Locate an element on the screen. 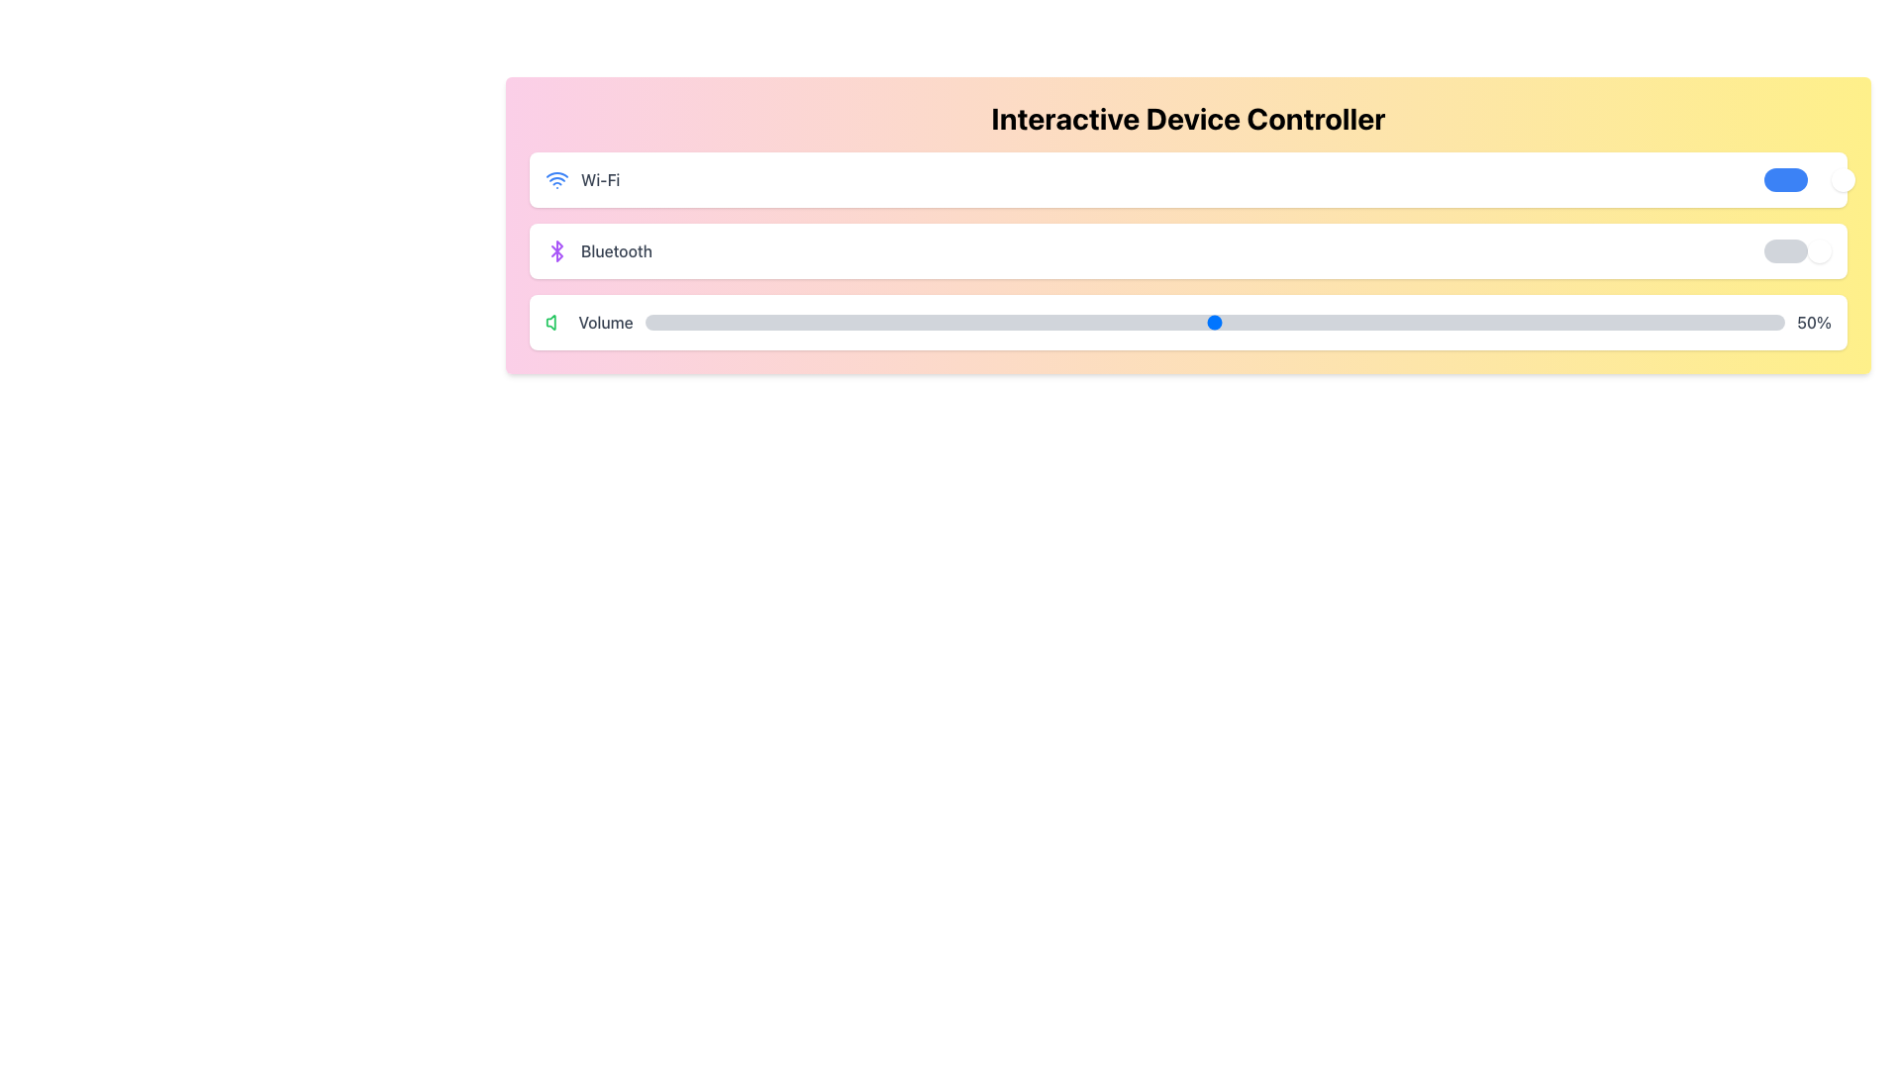 This screenshot has width=1901, height=1069. the second arc of the Wi-Fi icon located in the upper left part of the card containing Wi-Fi, Bluetooth, and Volume settings is located at coordinates (555, 173).